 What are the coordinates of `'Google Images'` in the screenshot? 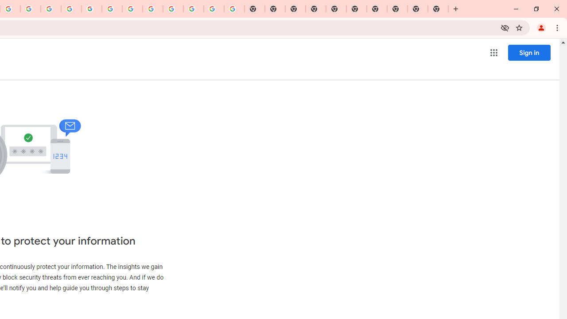 It's located at (234, 9).